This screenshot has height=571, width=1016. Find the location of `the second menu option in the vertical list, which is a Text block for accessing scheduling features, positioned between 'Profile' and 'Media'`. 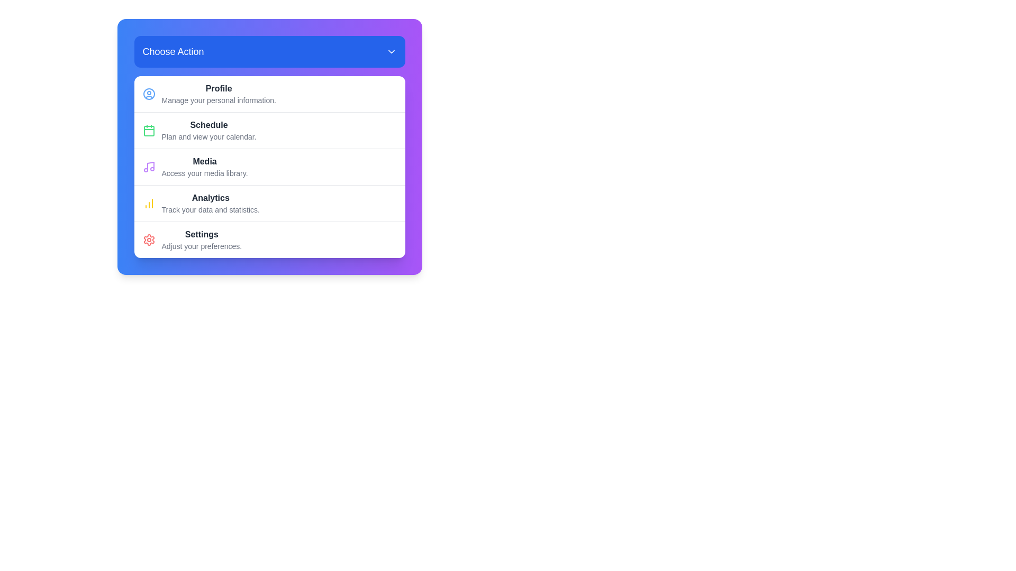

the second menu option in the vertical list, which is a Text block for accessing scheduling features, positioned between 'Profile' and 'Media' is located at coordinates (208, 130).